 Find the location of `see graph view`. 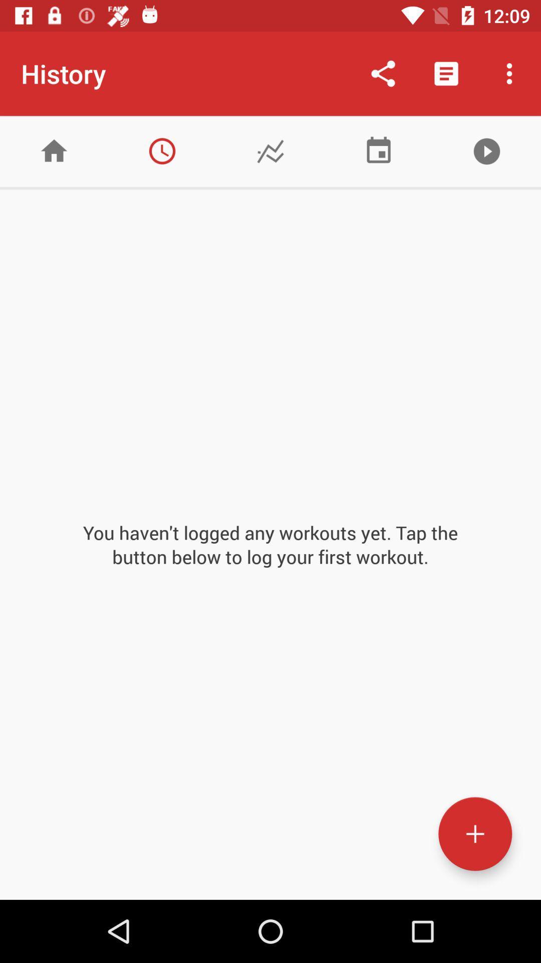

see graph view is located at coordinates (270, 150).